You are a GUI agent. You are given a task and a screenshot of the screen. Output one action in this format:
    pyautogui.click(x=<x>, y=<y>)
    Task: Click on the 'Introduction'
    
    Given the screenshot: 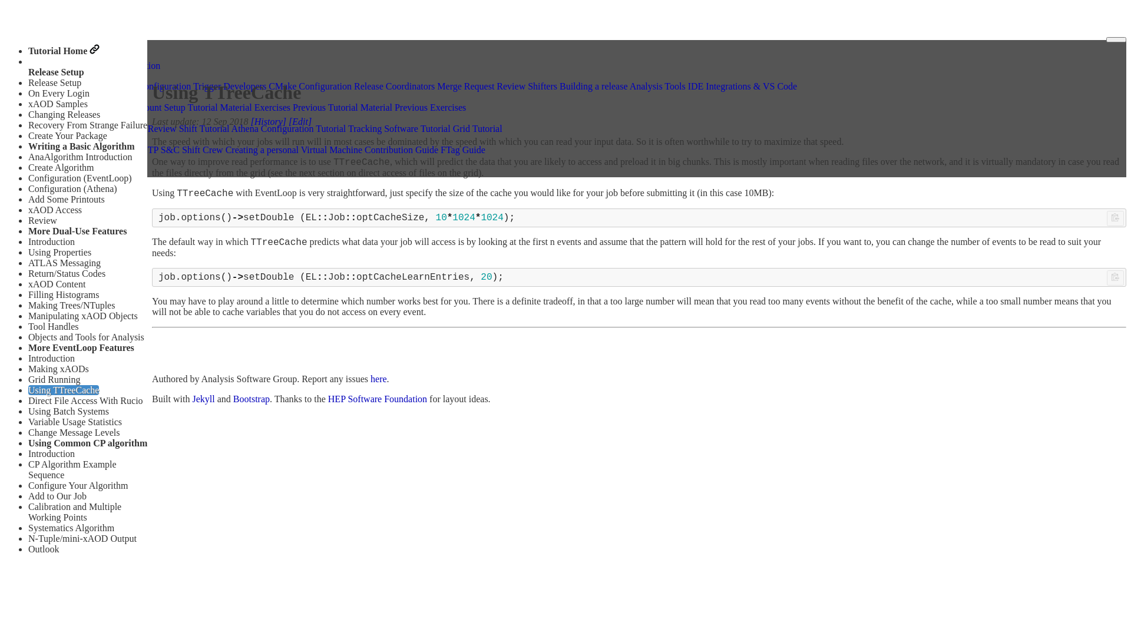 What is the action you would take?
    pyautogui.click(x=28, y=241)
    